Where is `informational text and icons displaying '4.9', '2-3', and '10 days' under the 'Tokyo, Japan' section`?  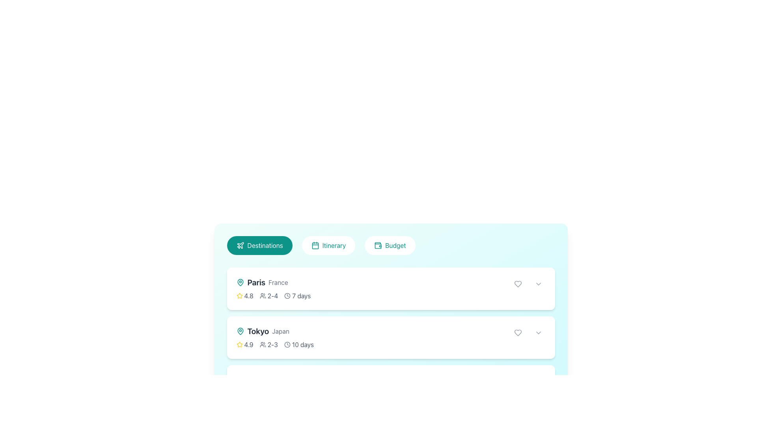
informational text and icons displaying '4.9', '2-3', and '10 days' under the 'Tokyo, Japan' section is located at coordinates (275, 344).